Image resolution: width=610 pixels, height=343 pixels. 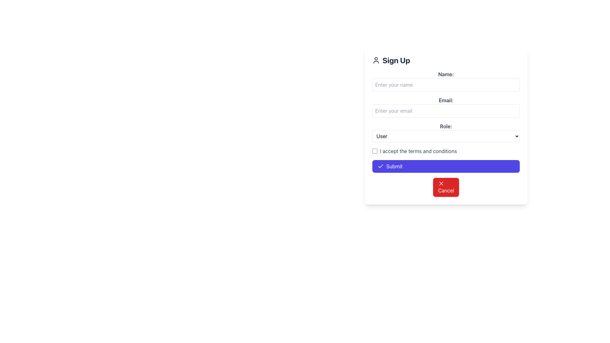 What do you see at coordinates (445, 74) in the screenshot?
I see `text of the label indicating the user should enter their name, located at the top of the form above the input field` at bounding box center [445, 74].